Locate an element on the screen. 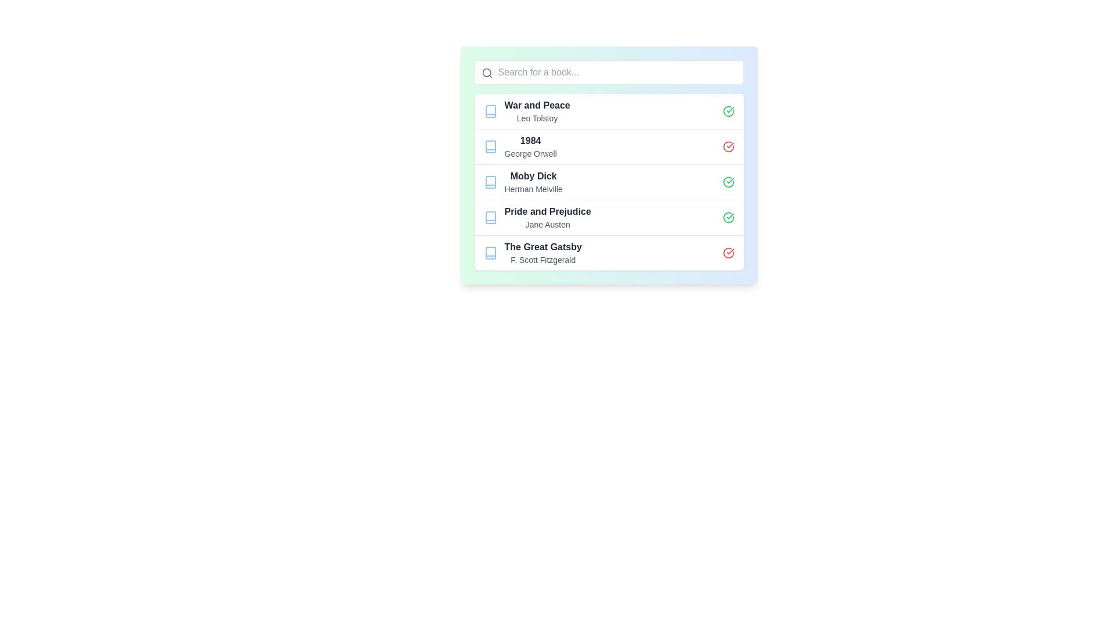 The height and width of the screenshot is (627, 1114). the confirmation icon for the book 'War and Peace' by Leo Tolstoy, located at the far-right side of its row is located at coordinates (728, 111).